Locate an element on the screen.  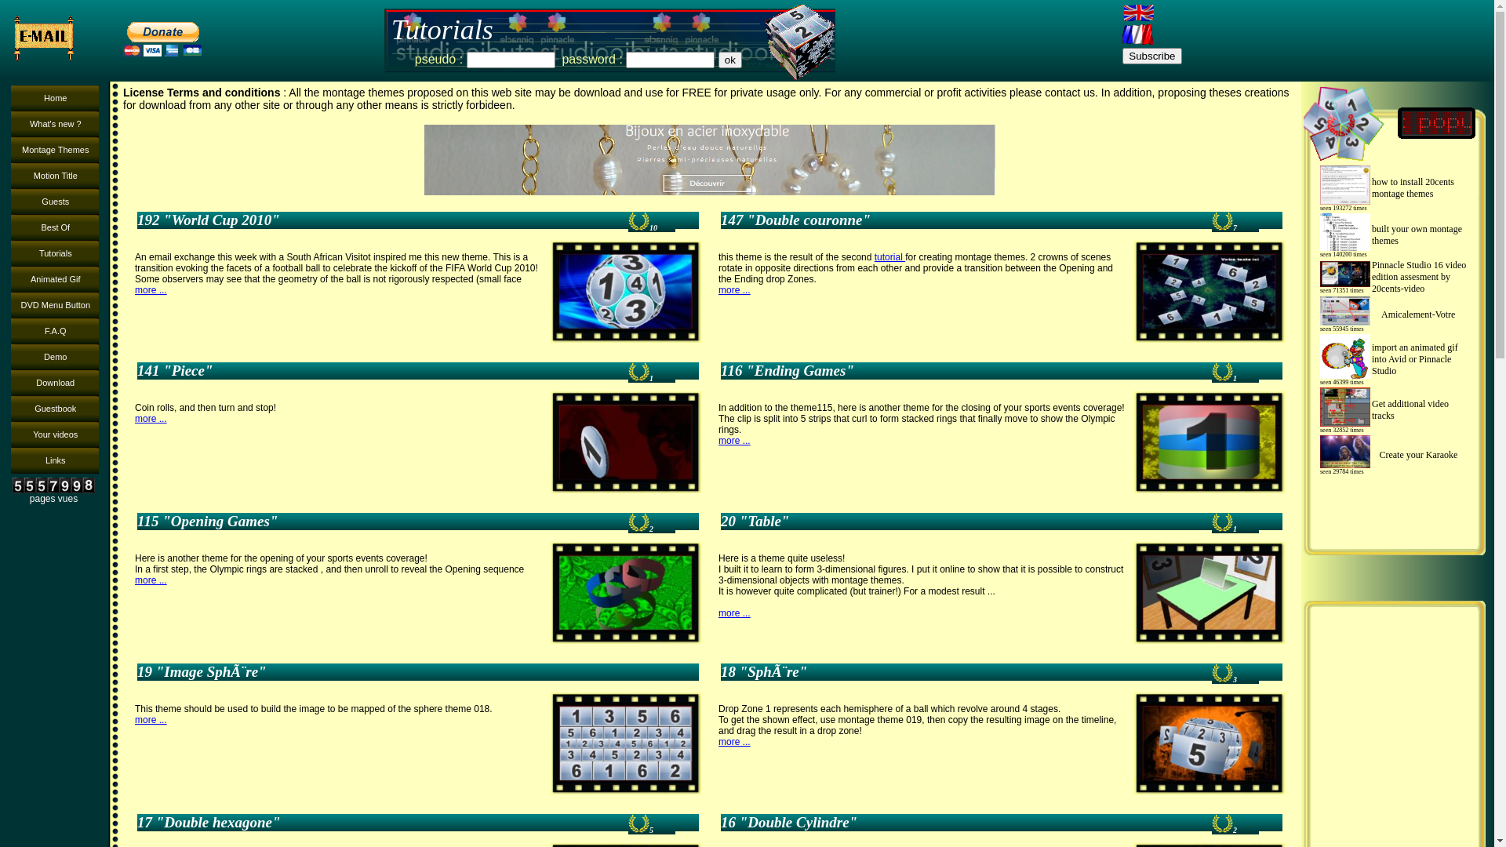
'more ...' is located at coordinates (135, 290).